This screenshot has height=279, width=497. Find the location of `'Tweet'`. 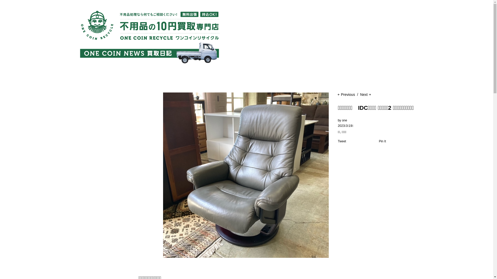

'Tweet' is located at coordinates (342, 141).